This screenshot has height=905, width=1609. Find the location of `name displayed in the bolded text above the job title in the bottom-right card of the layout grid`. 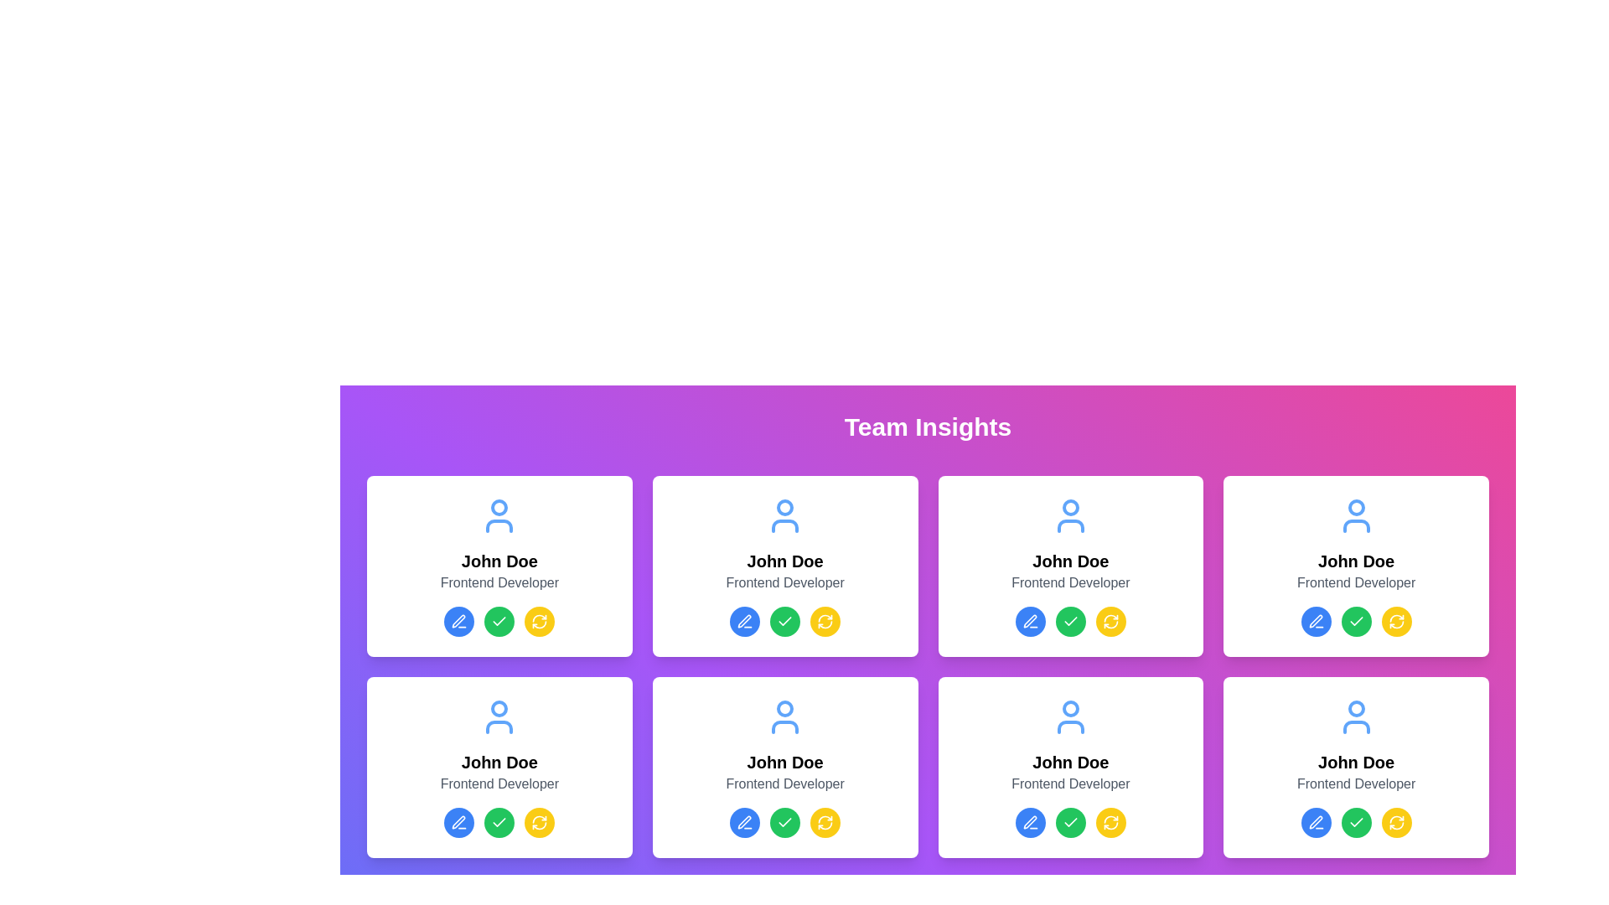

name displayed in the bolded text above the job title in the bottom-right card of the layout grid is located at coordinates (1069, 763).